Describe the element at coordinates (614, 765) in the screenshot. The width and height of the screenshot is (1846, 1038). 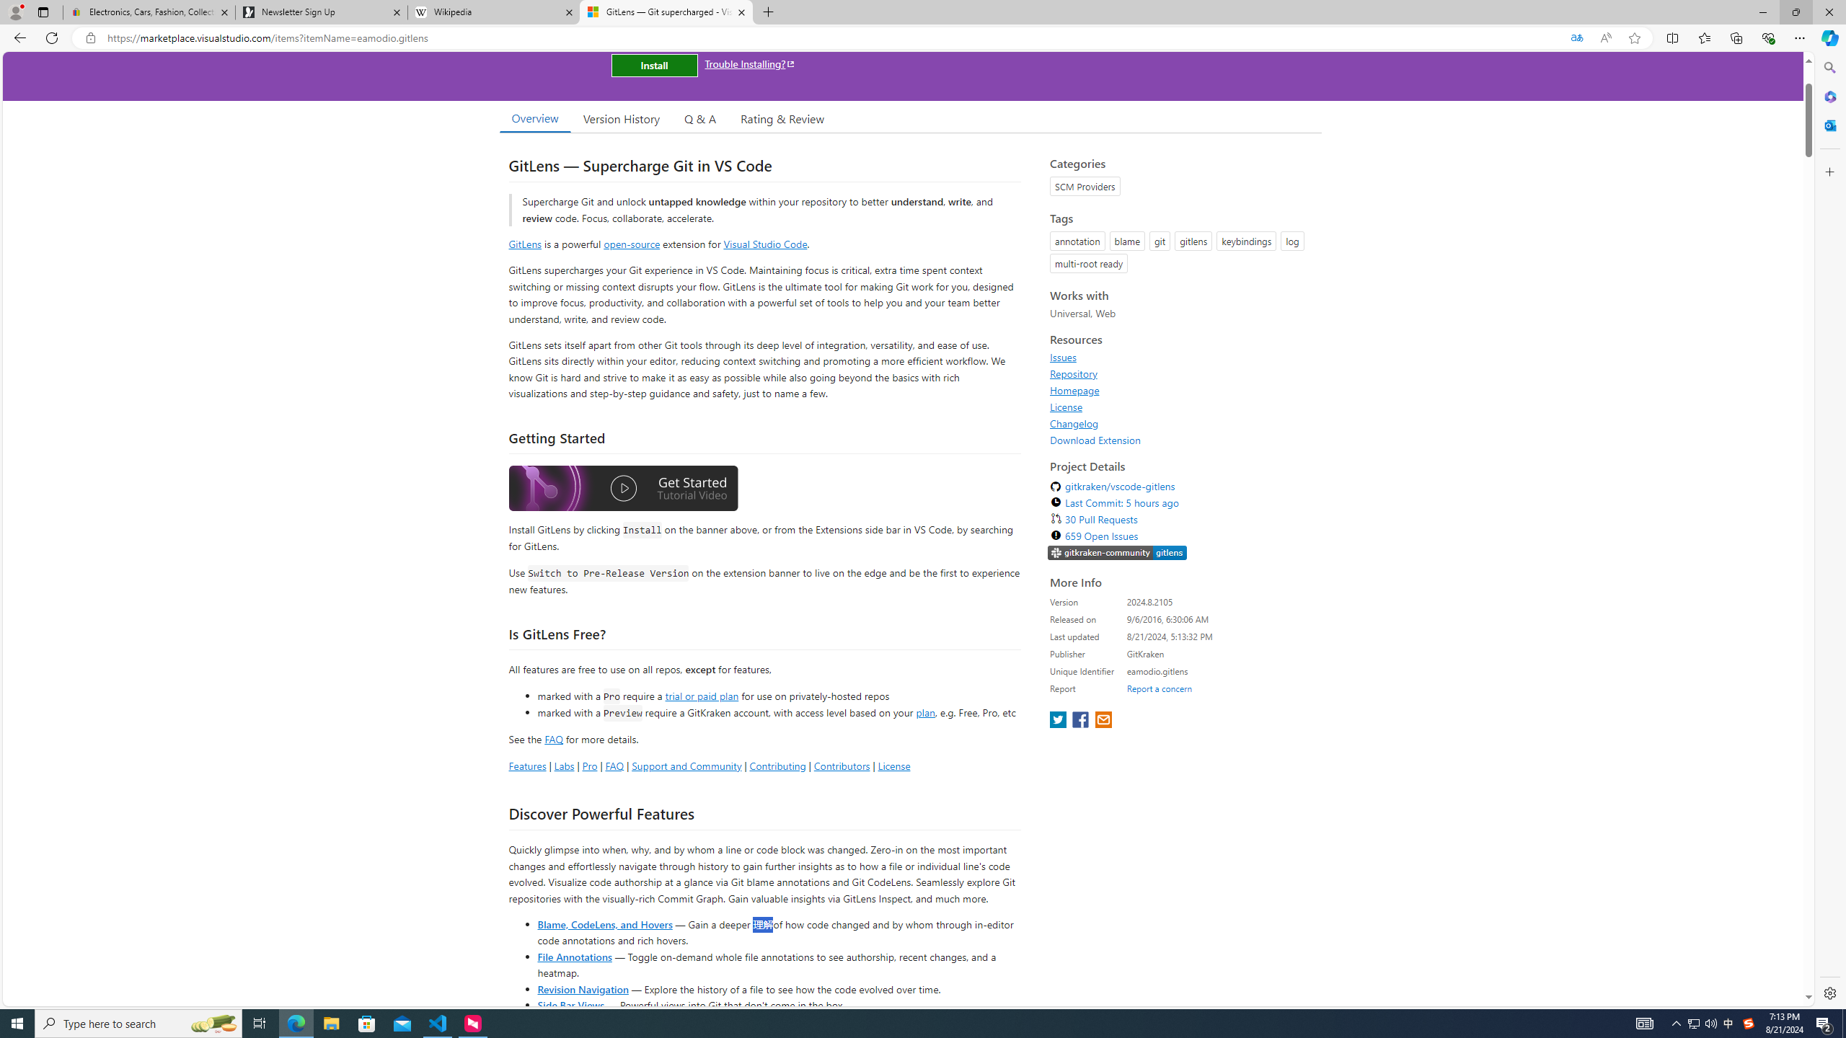
I see `'FAQ'` at that location.